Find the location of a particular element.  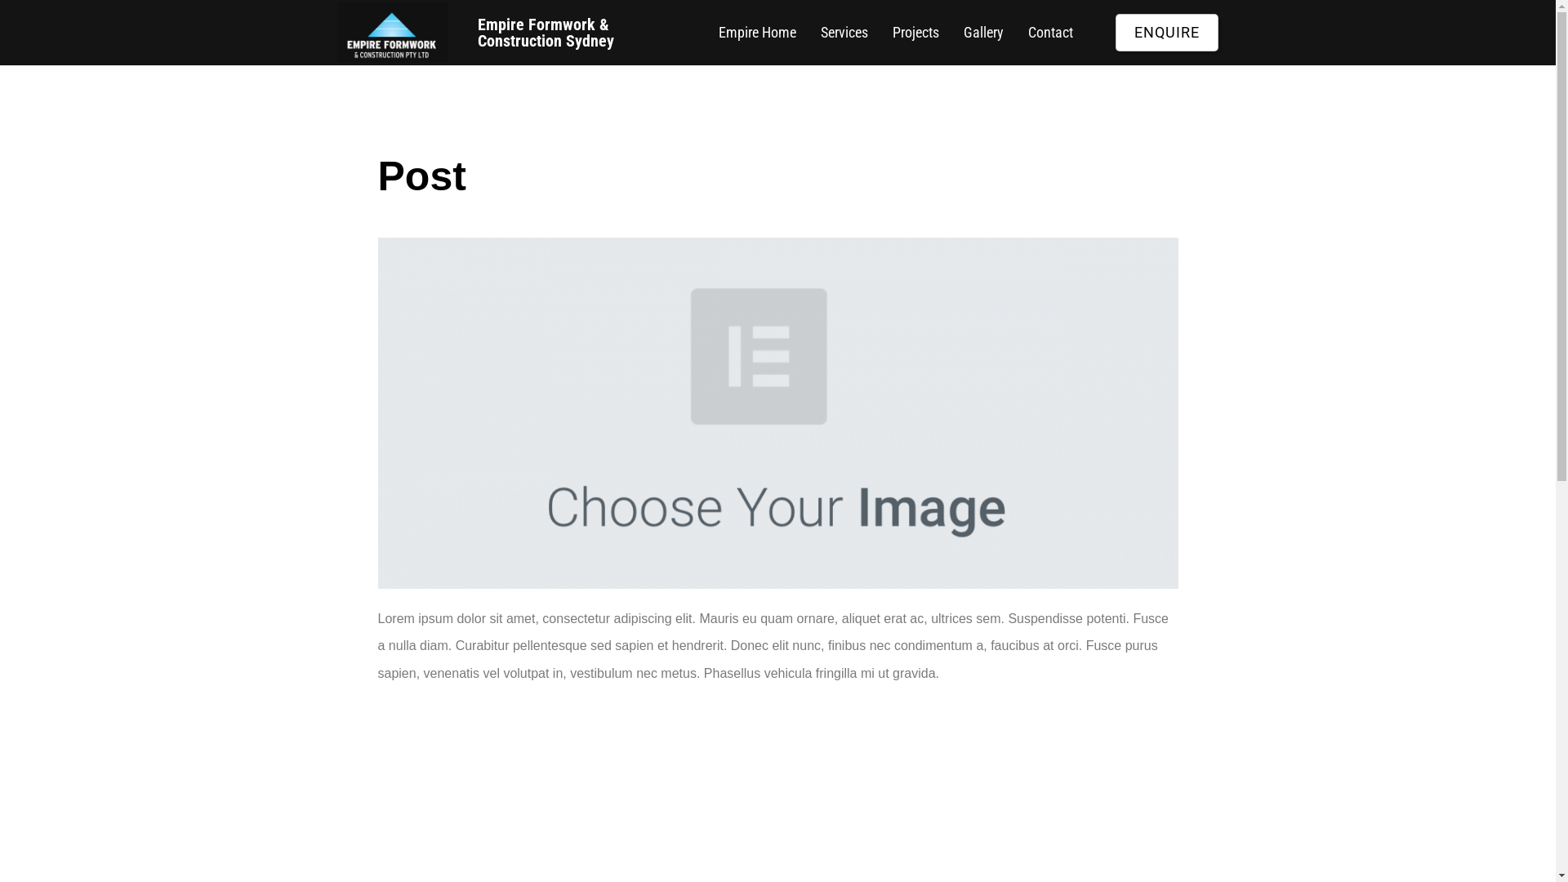

'Empire Home' is located at coordinates (706, 32).